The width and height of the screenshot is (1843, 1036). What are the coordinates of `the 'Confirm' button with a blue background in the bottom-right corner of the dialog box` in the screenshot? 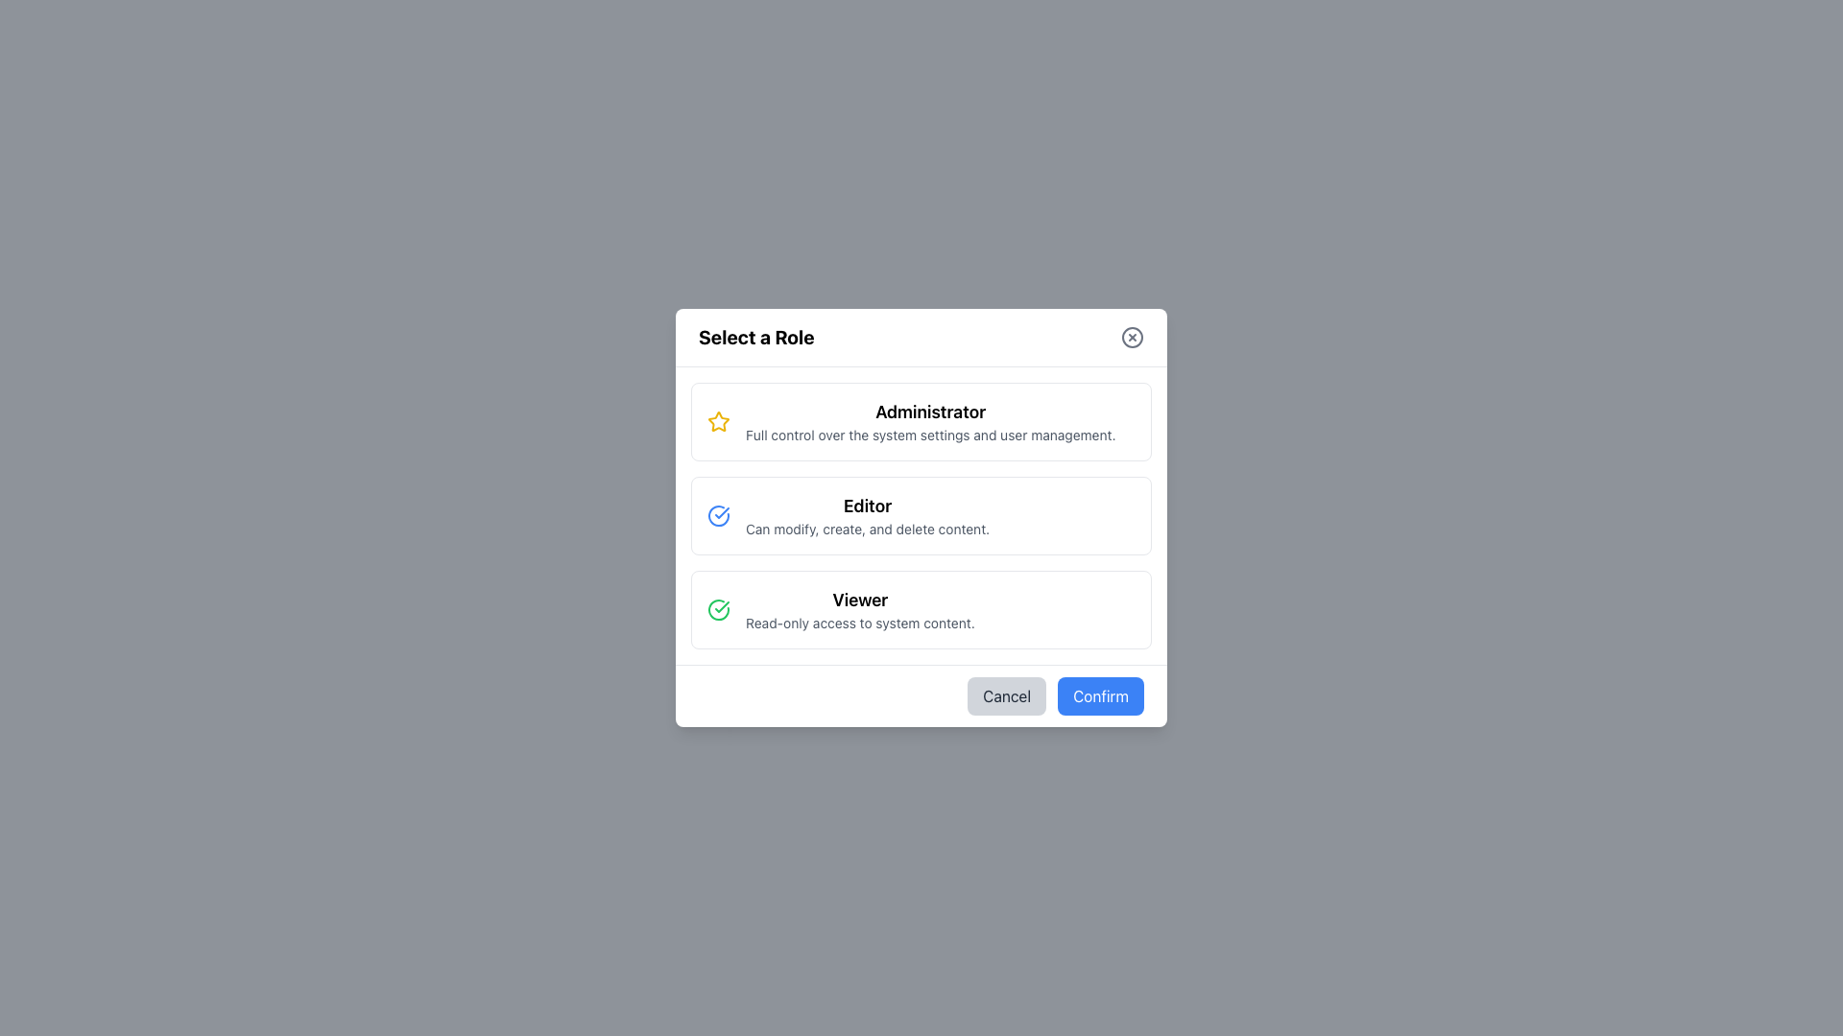 It's located at (1101, 695).